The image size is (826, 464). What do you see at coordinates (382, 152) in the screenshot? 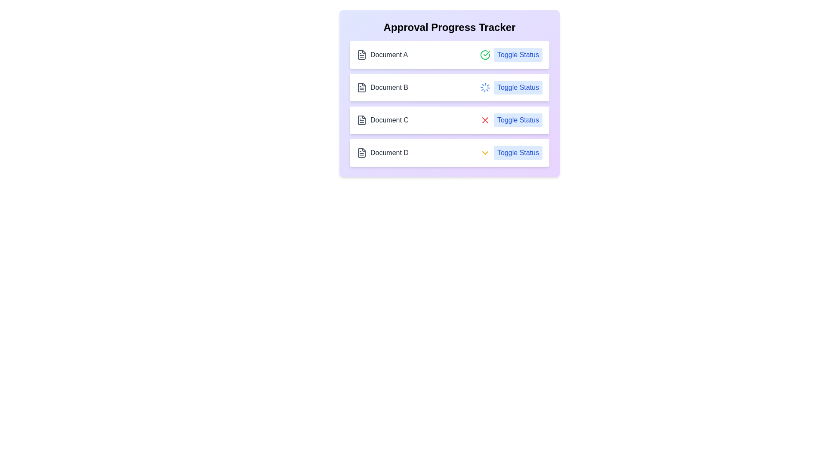
I see `the label for 'Approval Progress Tracker' located in the fourth row of the list, which serves as a descriptive label for a document` at bounding box center [382, 152].